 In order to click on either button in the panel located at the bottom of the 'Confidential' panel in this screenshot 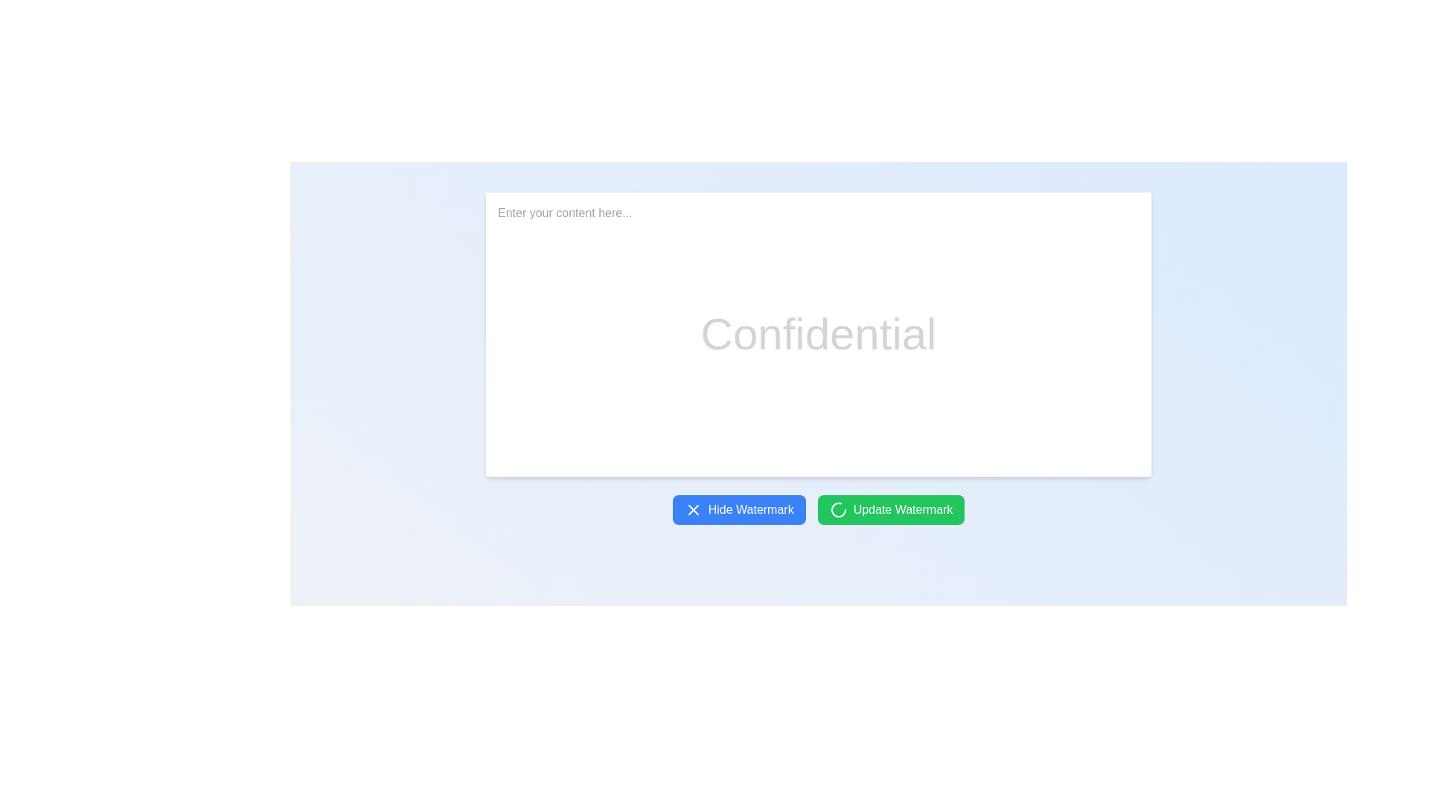, I will do `click(817, 509)`.